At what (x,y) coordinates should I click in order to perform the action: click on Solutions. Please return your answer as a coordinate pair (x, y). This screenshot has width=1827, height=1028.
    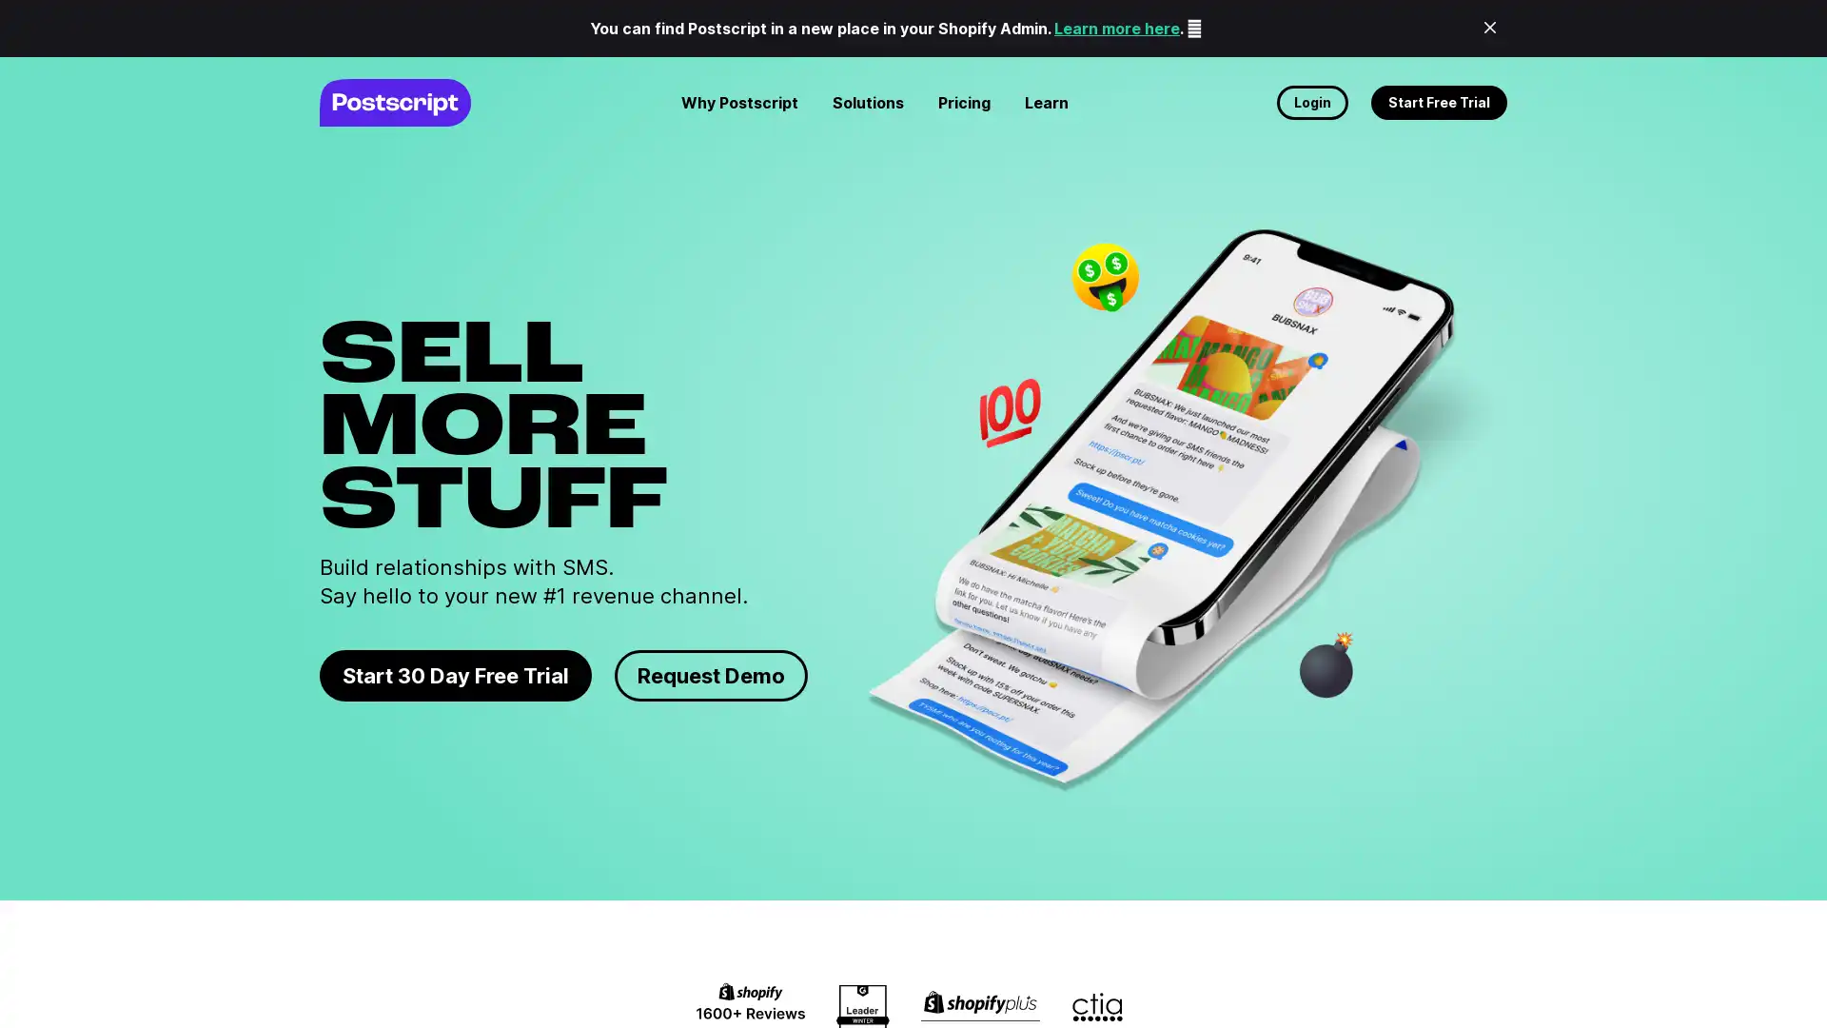
    Looking at the image, I should click on (866, 102).